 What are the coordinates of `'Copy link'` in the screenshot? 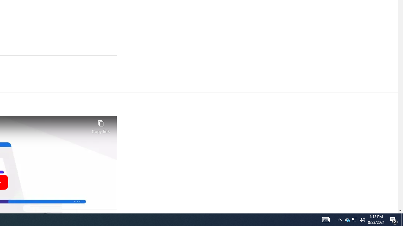 It's located at (101, 125).